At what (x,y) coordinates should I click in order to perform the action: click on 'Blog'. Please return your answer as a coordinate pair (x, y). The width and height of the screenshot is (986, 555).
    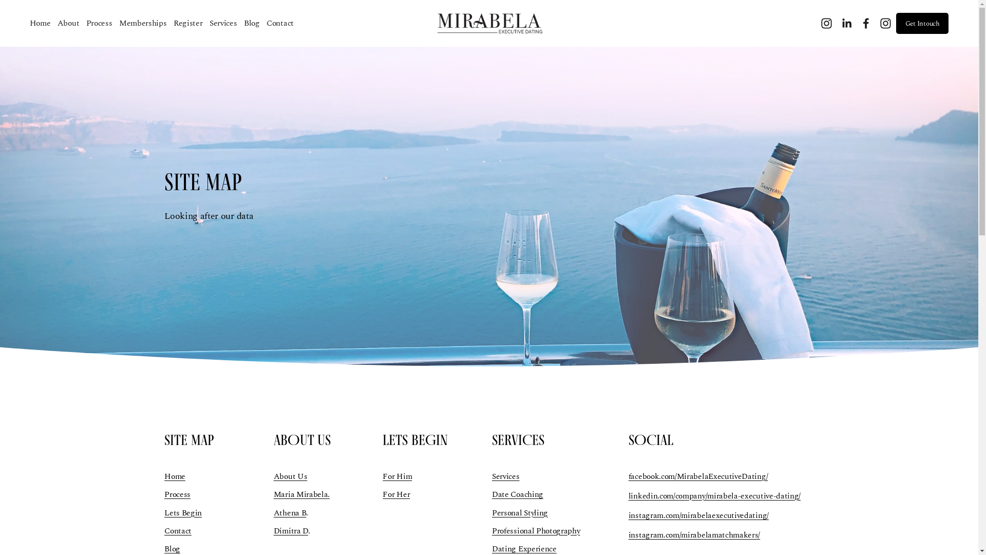
    Looking at the image, I should click on (252, 23).